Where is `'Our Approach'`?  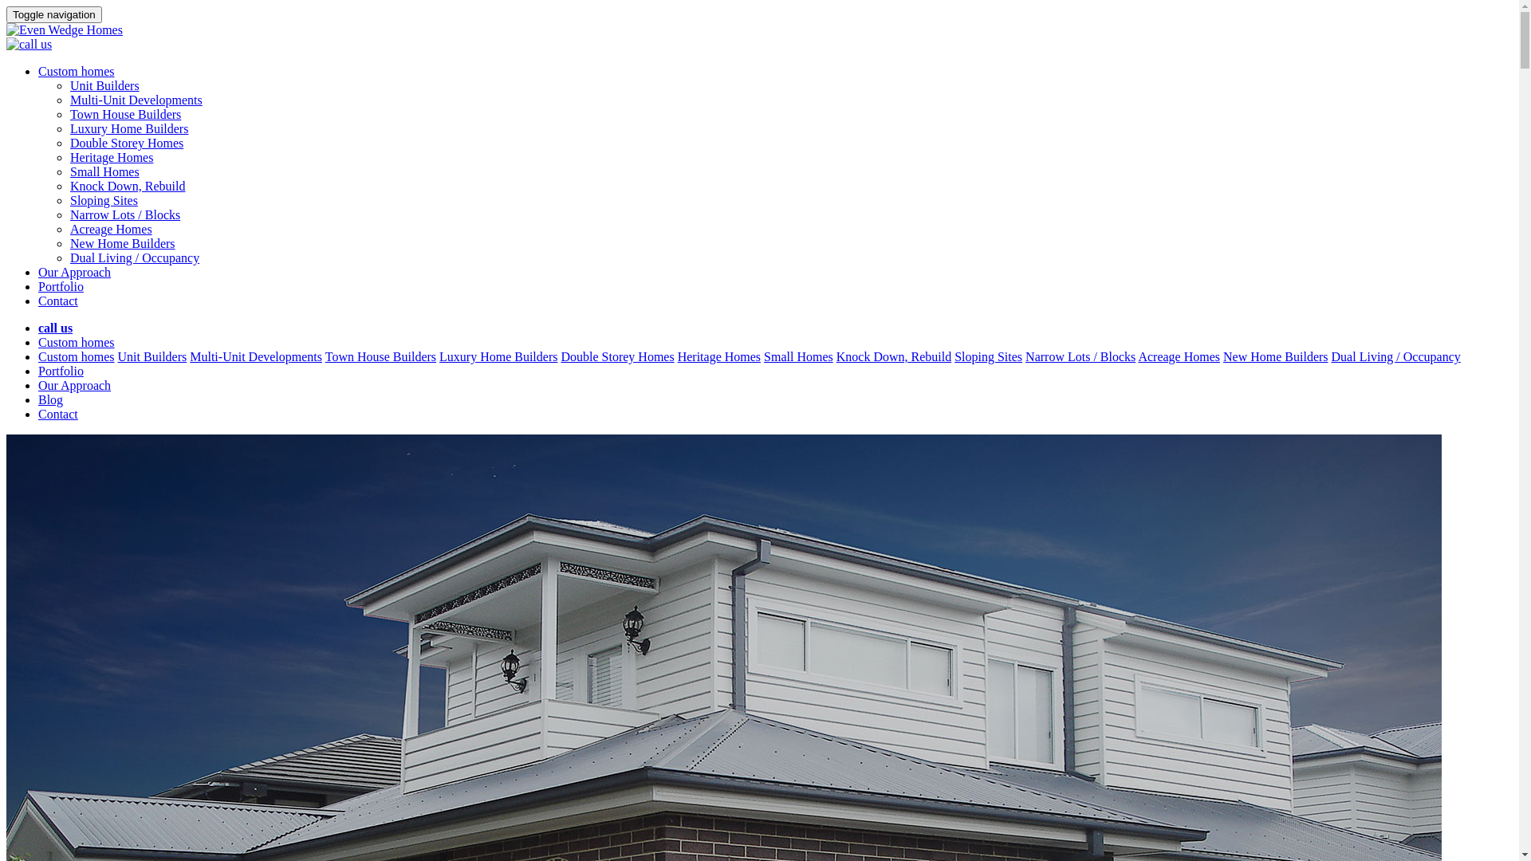 'Our Approach' is located at coordinates (38, 385).